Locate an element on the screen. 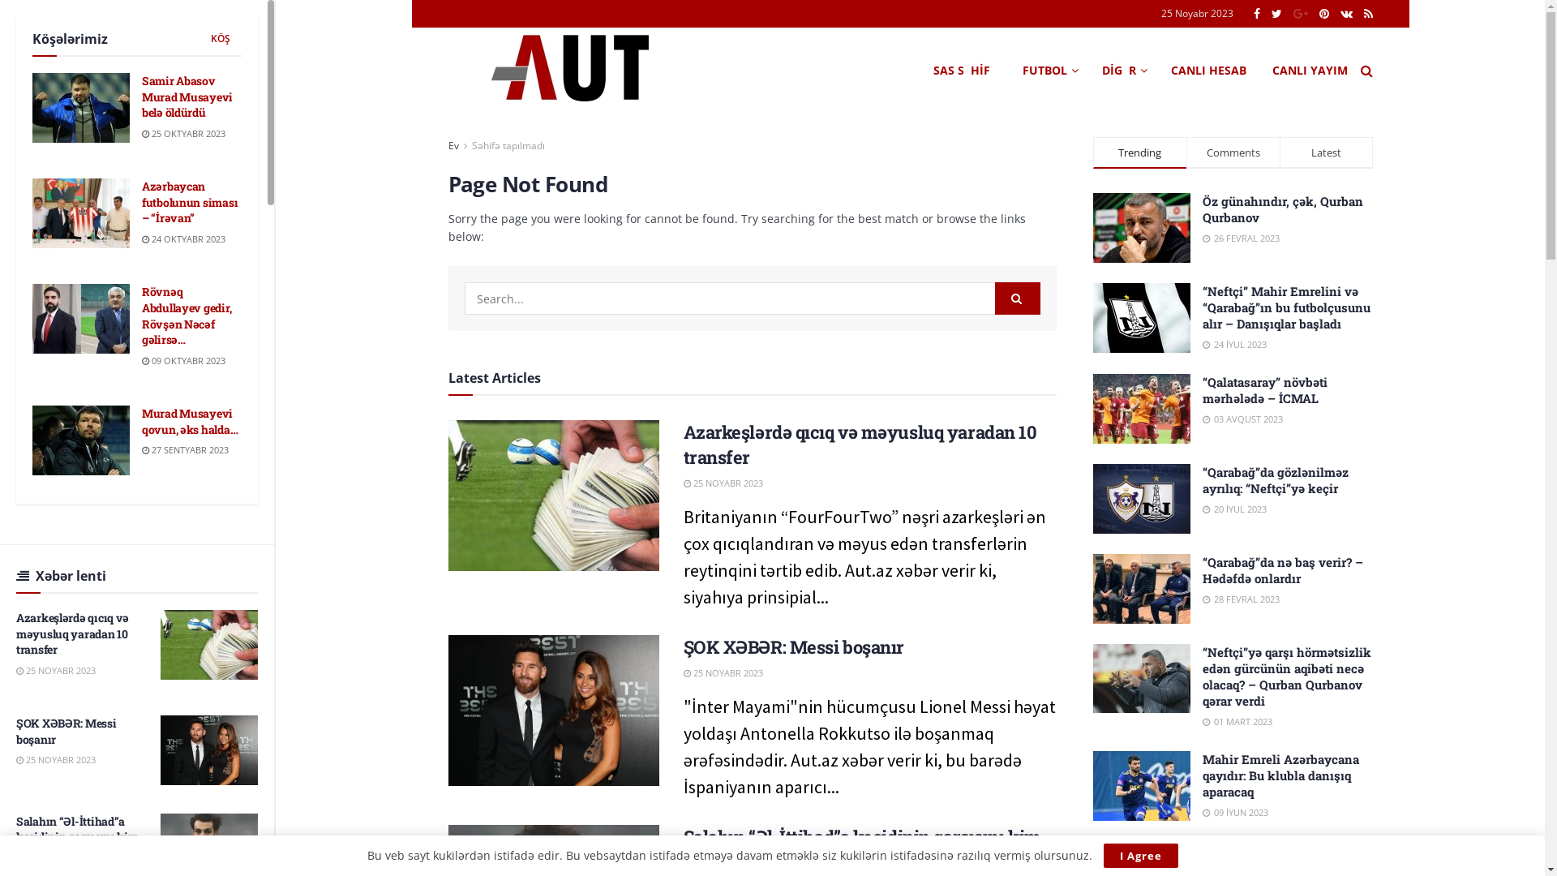 Image resolution: width=1557 pixels, height=876 pixels. 'Ev' is located at coordinates (453, 144).